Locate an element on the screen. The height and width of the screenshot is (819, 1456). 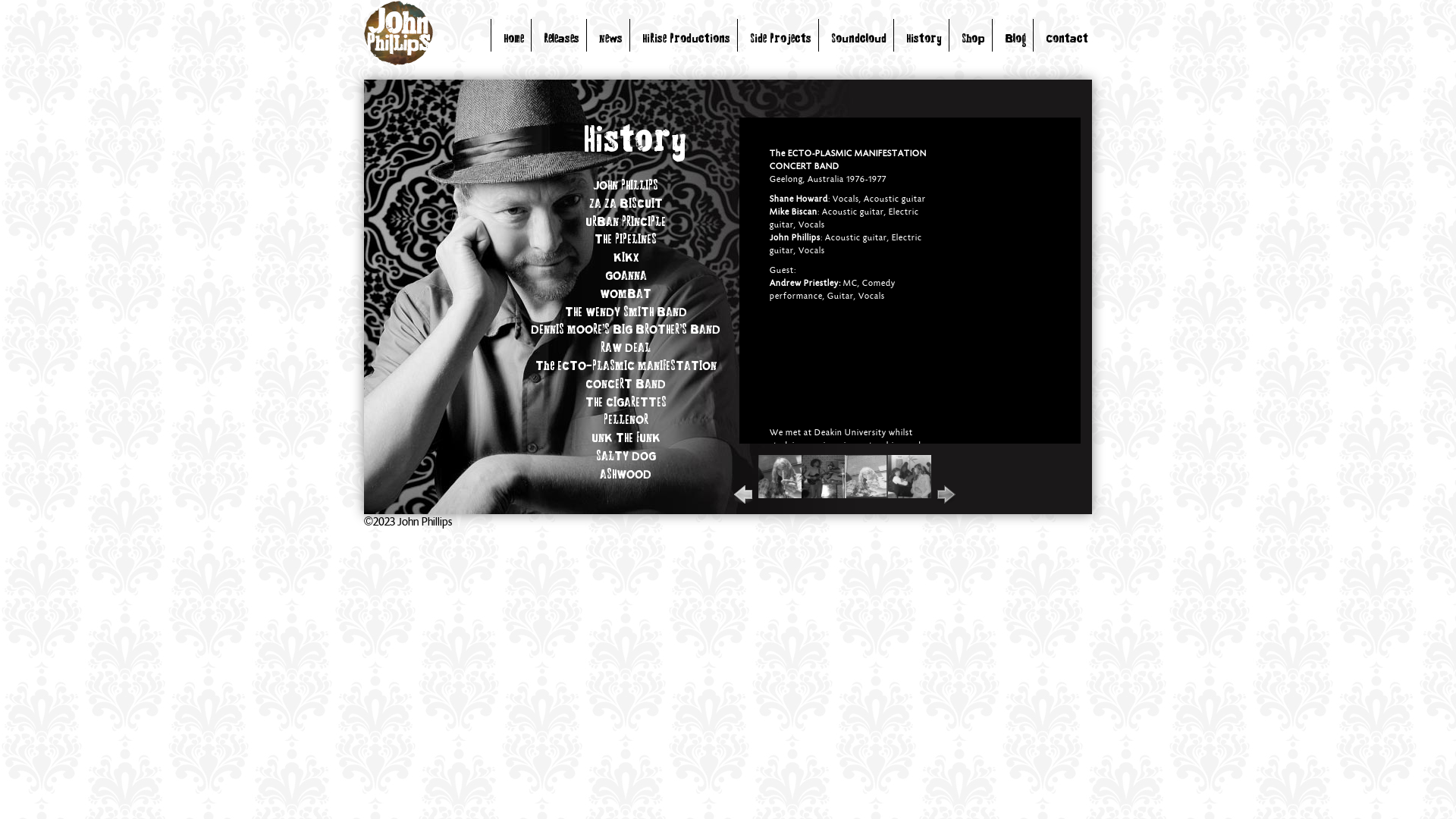
'The ECTO-PLASMIC MANIFESTATION CONCERT BAND' is located at coordinates (535, 375).